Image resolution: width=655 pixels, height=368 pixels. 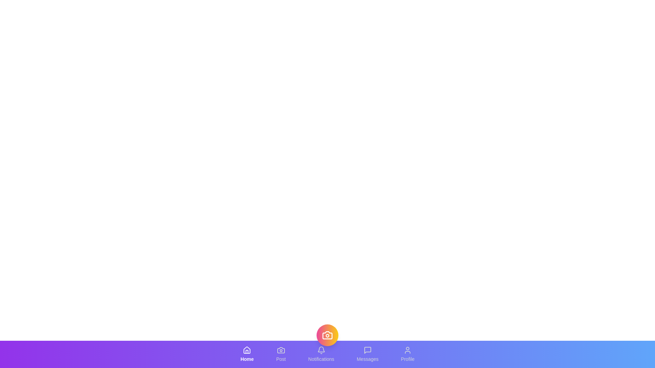 What do you see at coordinates (247, 354) in the screenshot?
I see `the Home tab to switch to its section` at bounding box center [247, 354].